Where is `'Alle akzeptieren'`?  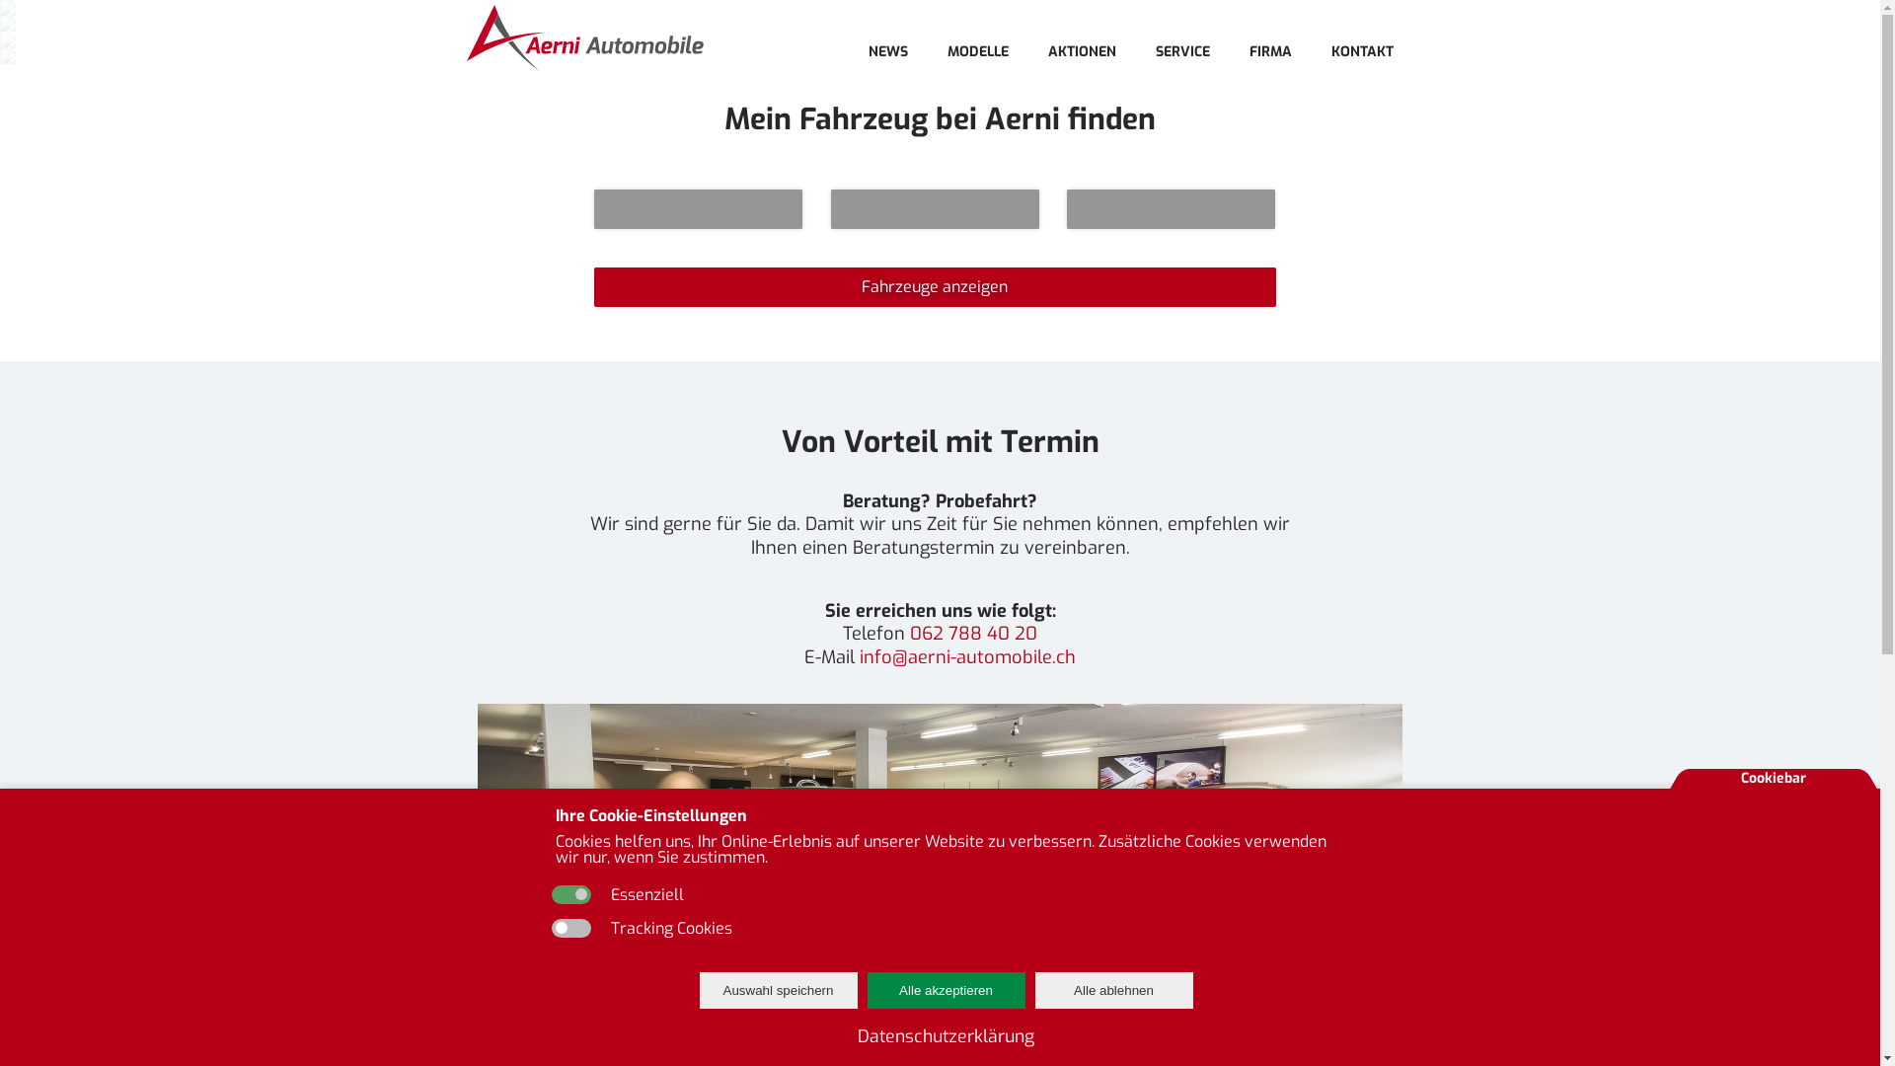
'Alle akzeptieren' is located at coordinates (945, 990).